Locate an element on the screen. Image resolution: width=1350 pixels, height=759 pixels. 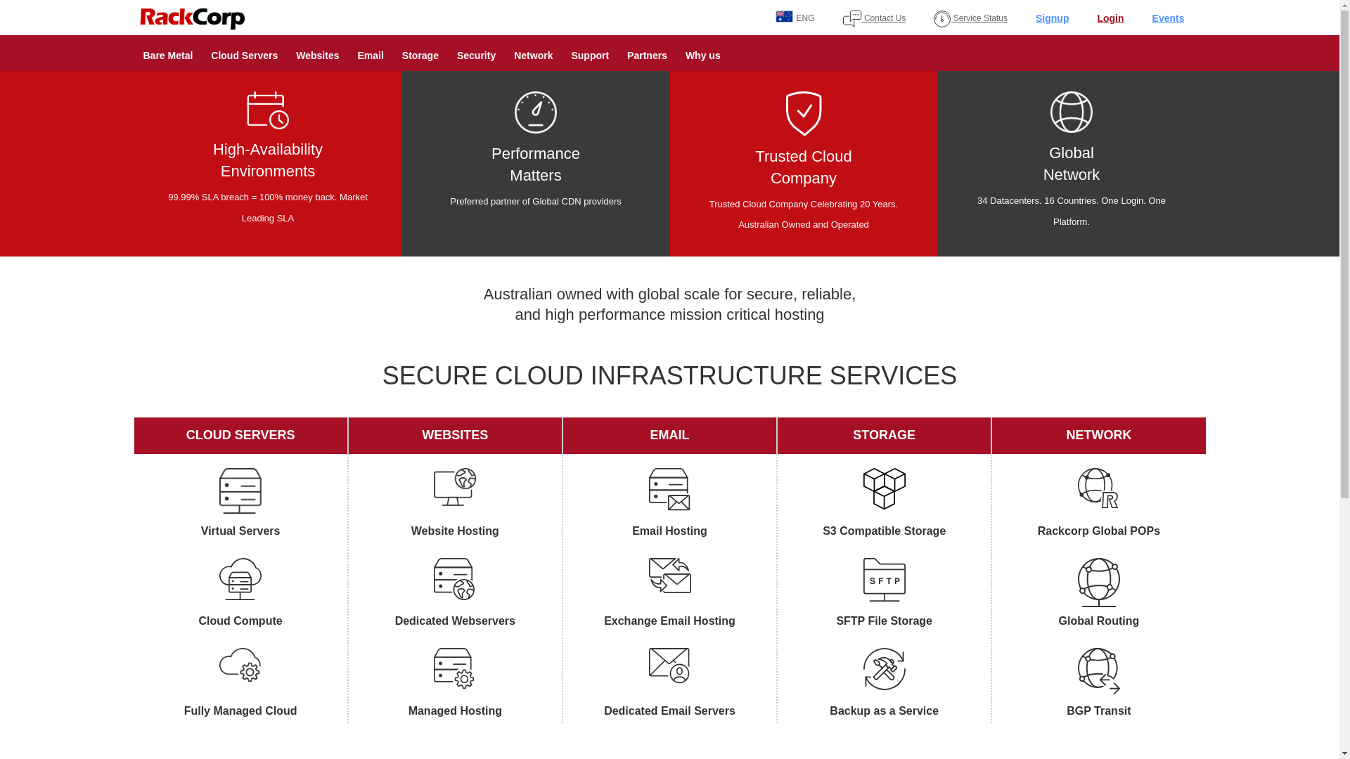
'Service Status' is located at coordinates (970, 19).